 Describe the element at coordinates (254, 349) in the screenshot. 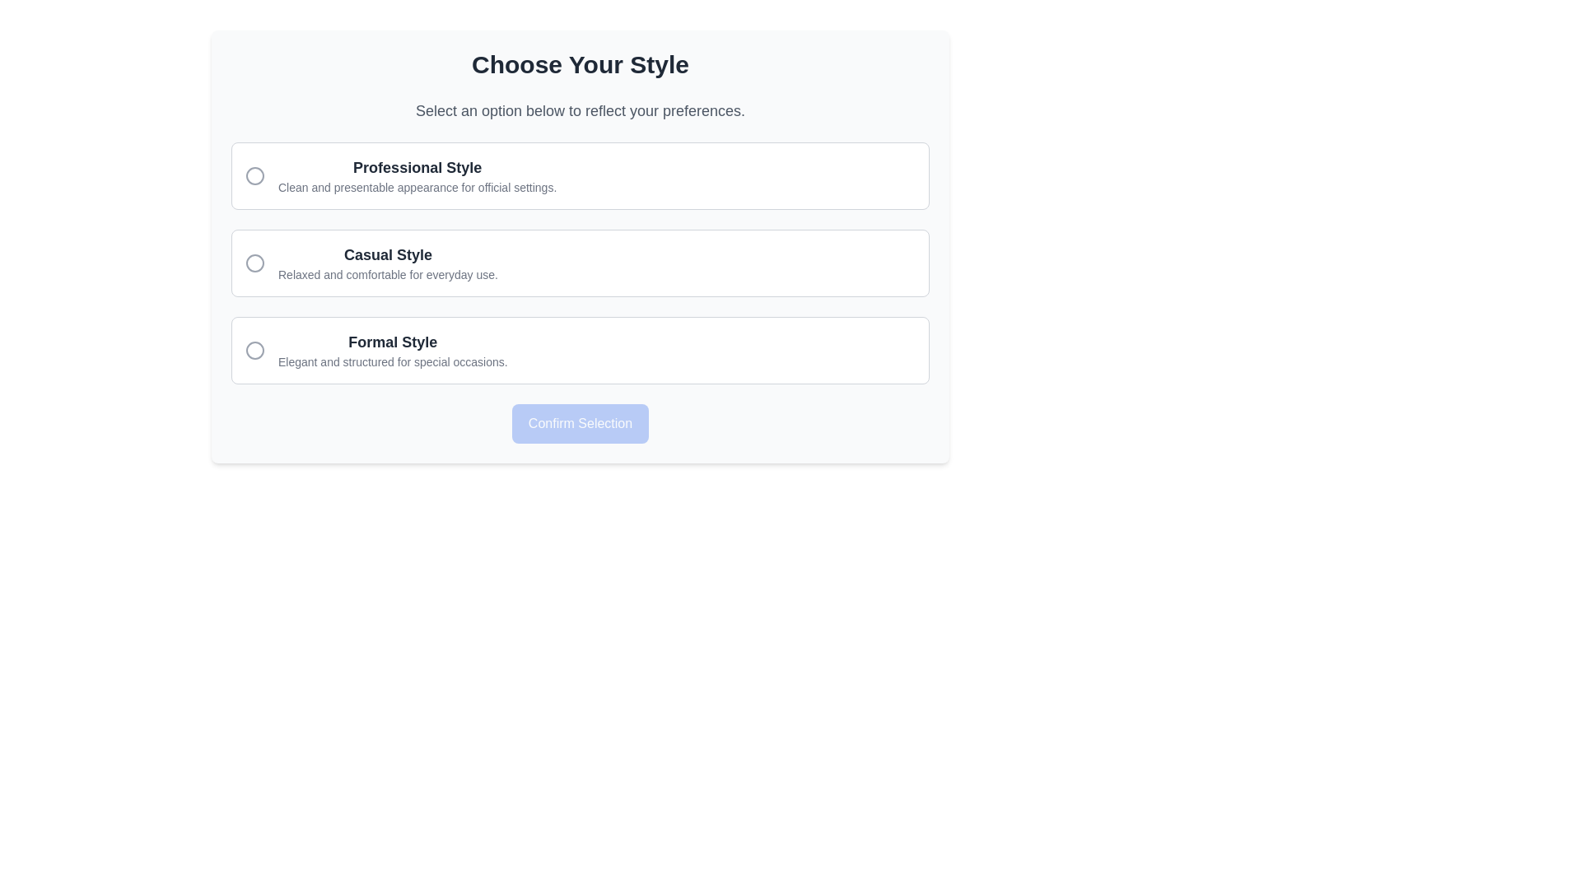

I see `the central circular SVG graphical element indicating the unselected state of the 'Formal Style' option in the vertical list of choices` at that location.